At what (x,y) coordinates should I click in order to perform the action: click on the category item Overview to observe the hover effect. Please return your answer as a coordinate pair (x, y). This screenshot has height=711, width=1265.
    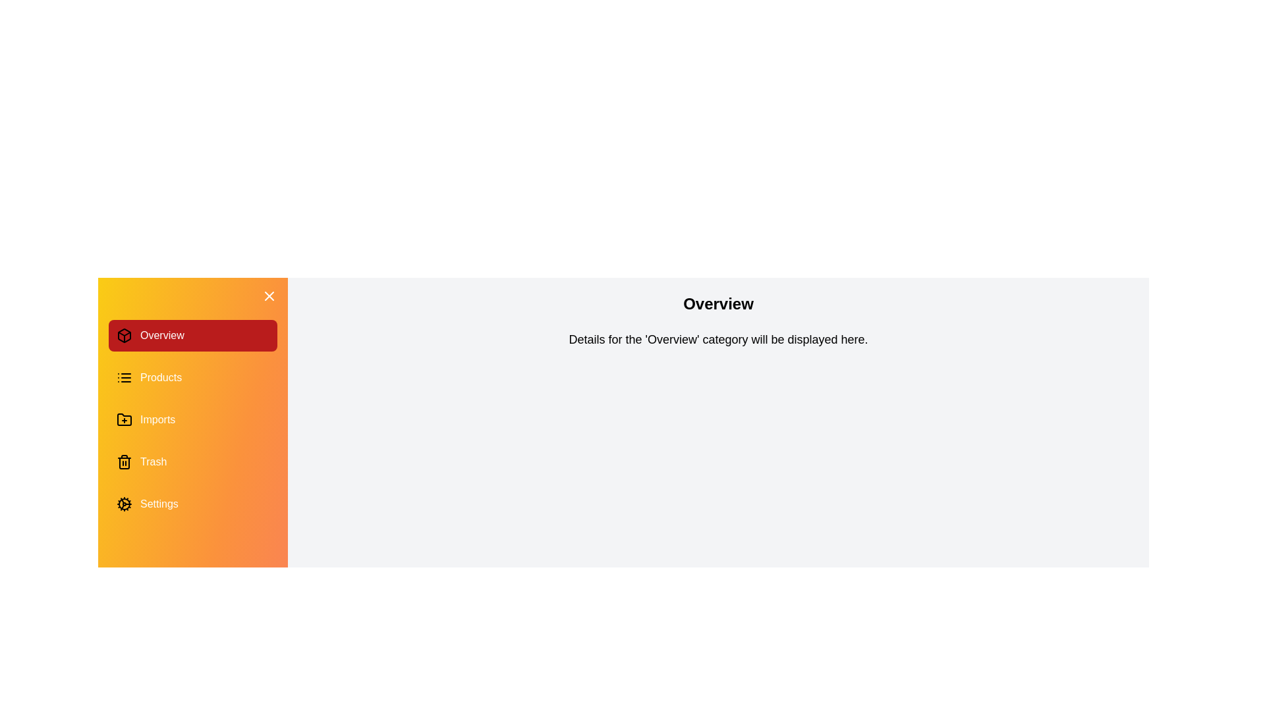
    Looking at the image, I should click on (192, 334).